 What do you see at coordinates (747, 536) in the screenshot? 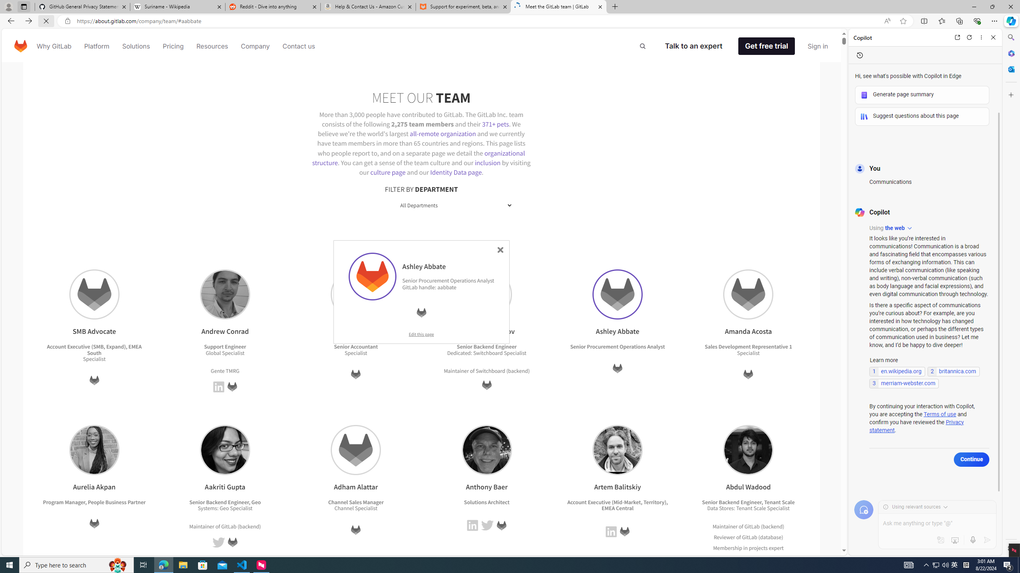
I see `'Reviewer of GitLab (database)'` at bounding box center [747, 536].